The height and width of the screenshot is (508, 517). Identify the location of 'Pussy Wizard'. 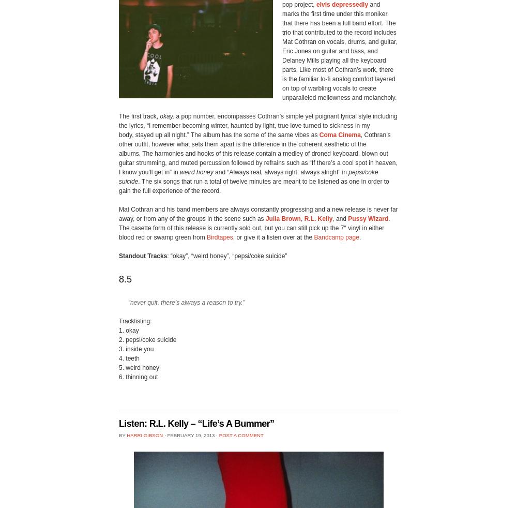
(368, 219).